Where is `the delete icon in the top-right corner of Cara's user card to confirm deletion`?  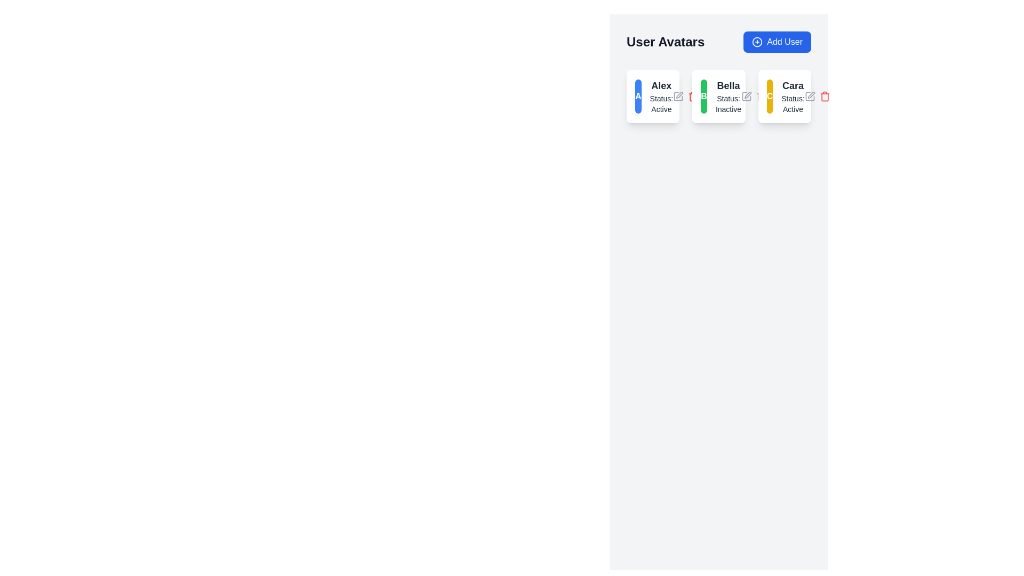
the delete icon in the top-right corner of Cara's user card to confirm deletion is located at coordinates (817, 97).